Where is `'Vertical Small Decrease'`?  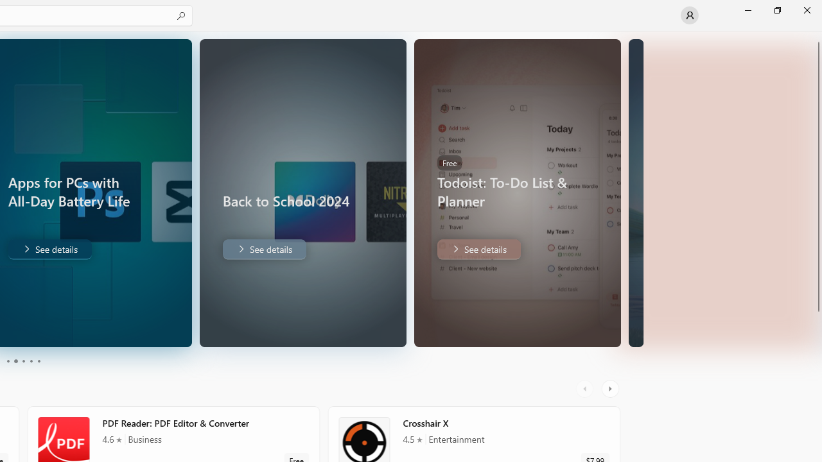
'Vertical Small Decrease' is located at coordinates (816, 35).